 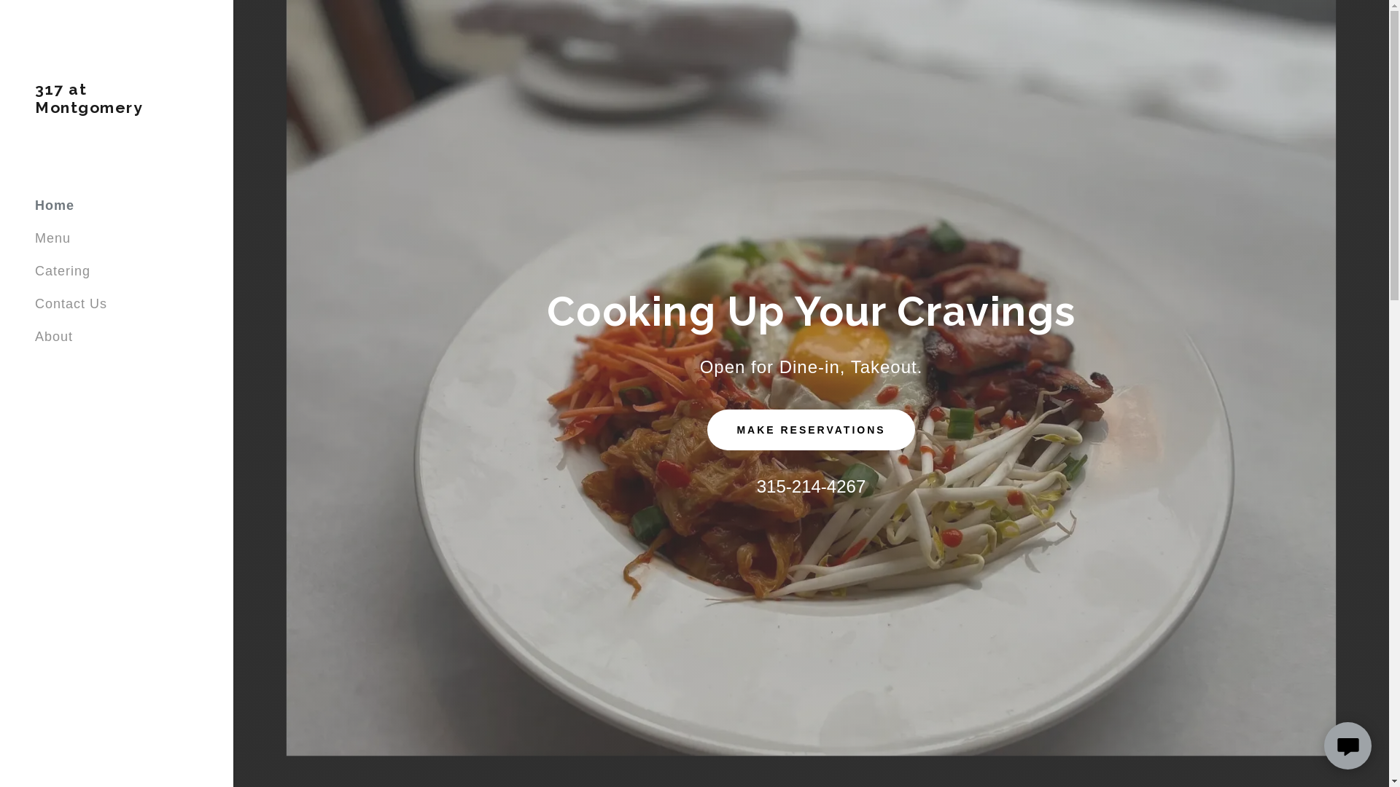 I want to click on 'Catering', so click(x=62, y=270).